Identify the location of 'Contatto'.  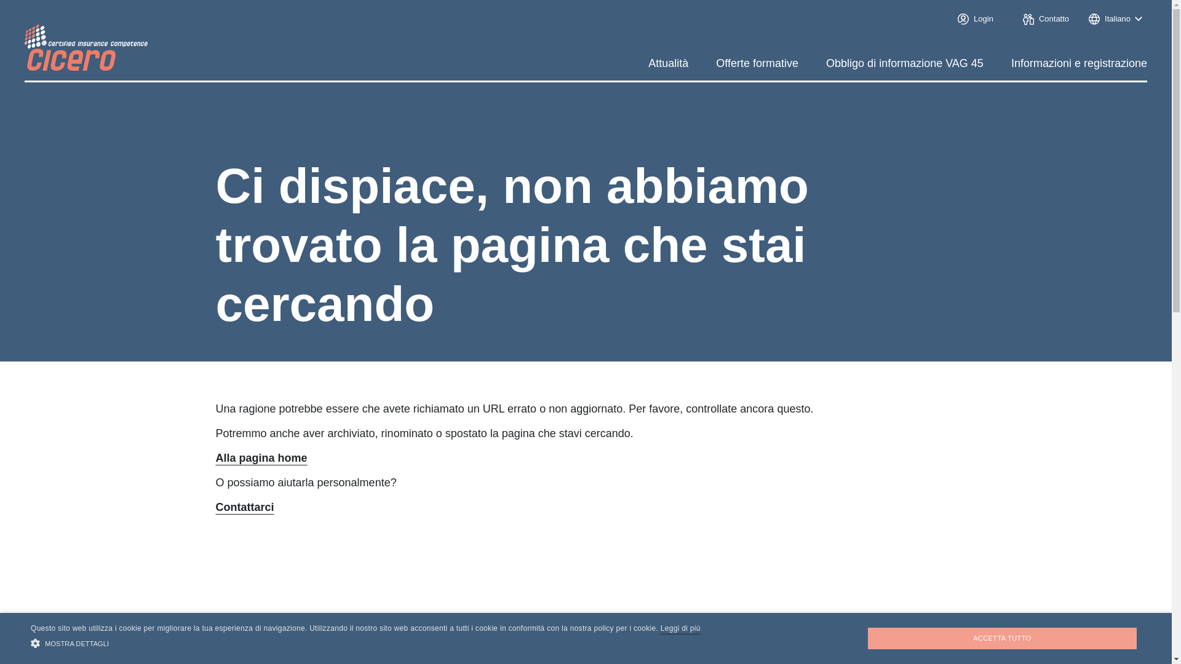
(1018, 19).